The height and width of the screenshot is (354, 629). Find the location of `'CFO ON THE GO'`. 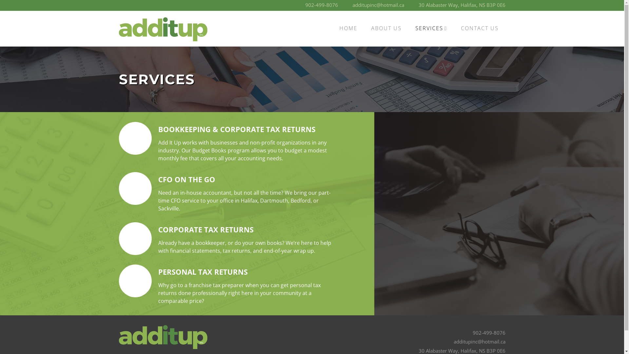

'CFO ON THE GO' is located at coordinates (158, 179).